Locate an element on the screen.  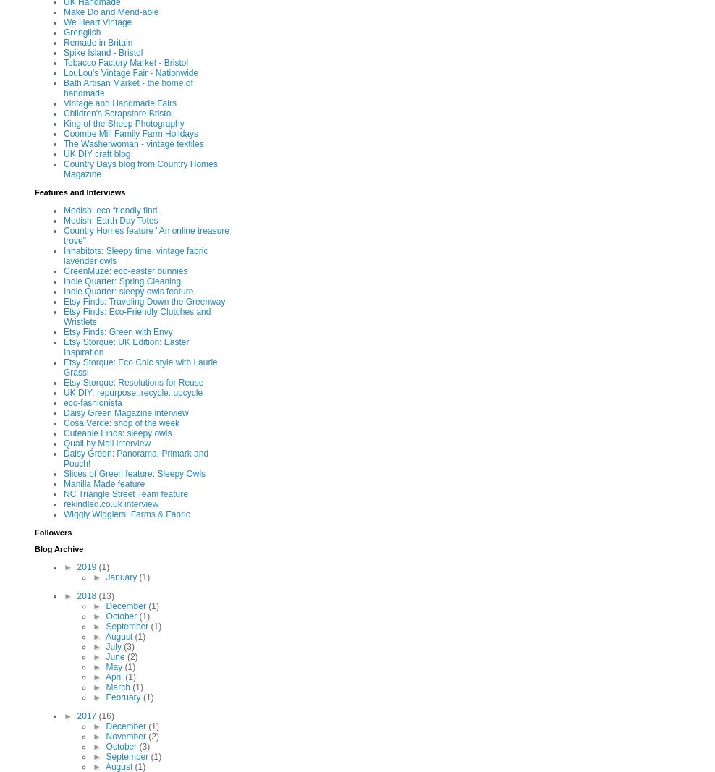
'Etsy Storque: Eco Chic style with Laurie Grassi' is located at coordinates (64, 366).